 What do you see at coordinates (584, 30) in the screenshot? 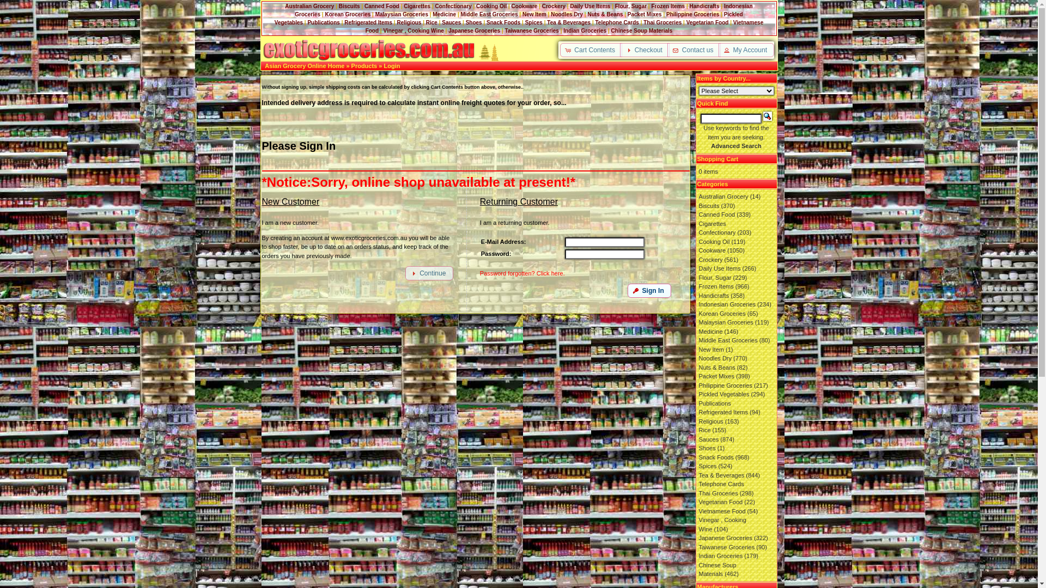
I see `'Indian Groceries'` at bounding box center [584, 30].